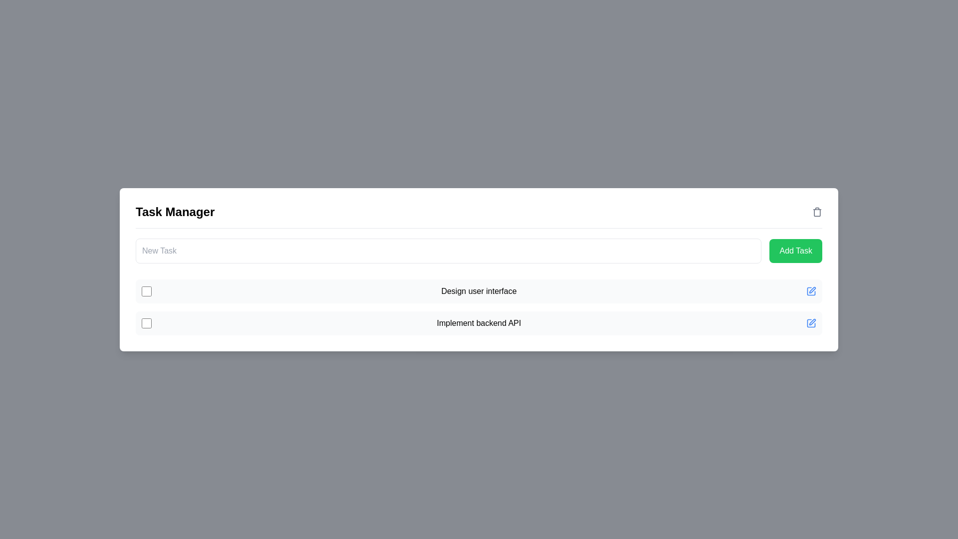  What do you see at coordinates (811, 323) in the screenshot?
I see `the edit icon button located at the far right of the 'Implement backend API' task row` at bounding box center [811, 323].